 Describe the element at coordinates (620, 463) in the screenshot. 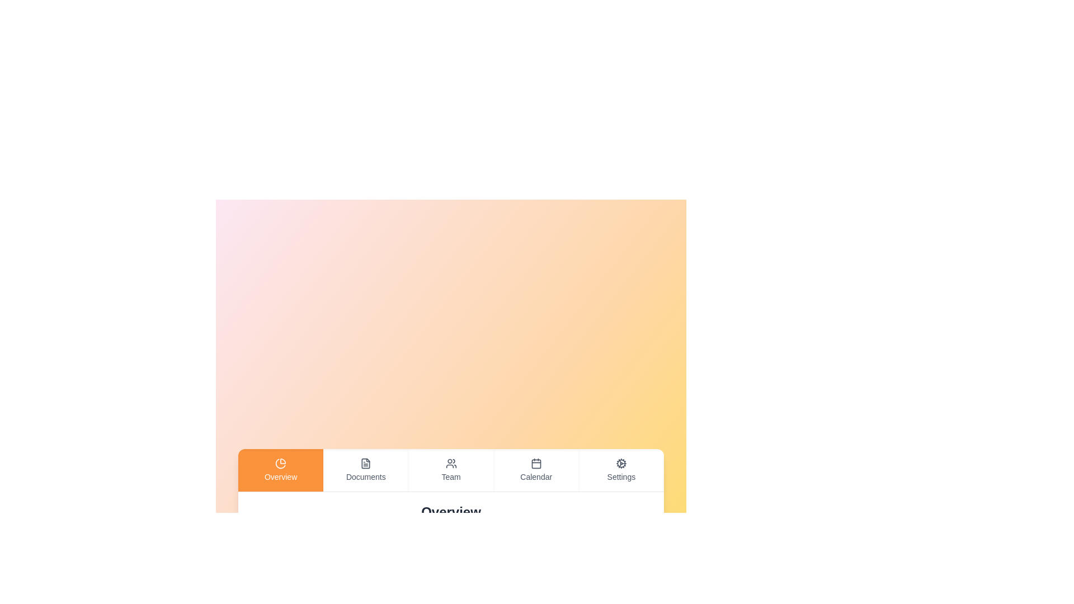

I see `the Graphical SVG component located at the center of the gear icon in the top-right corner of the bottom navigation bar labeled as 'Settings'` at that location.